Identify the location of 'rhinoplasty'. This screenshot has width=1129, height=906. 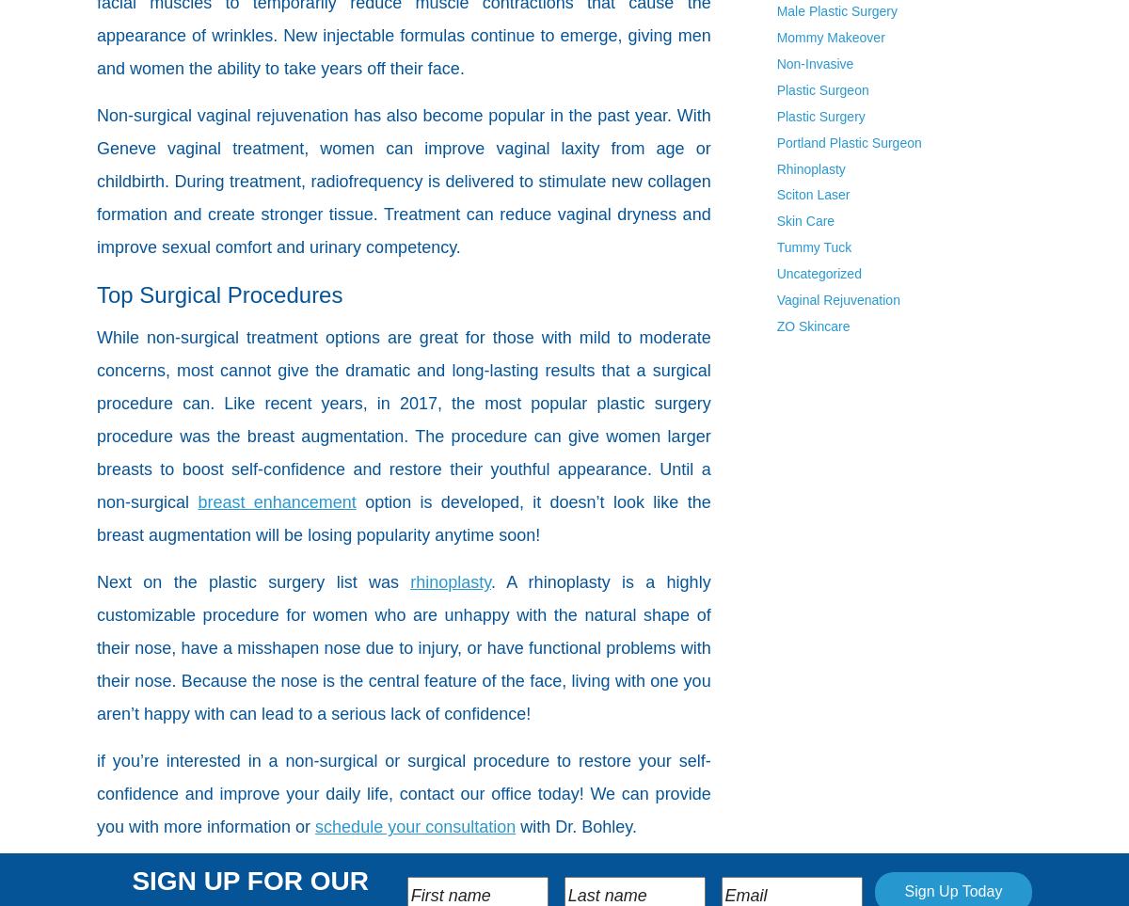
(449, 581).